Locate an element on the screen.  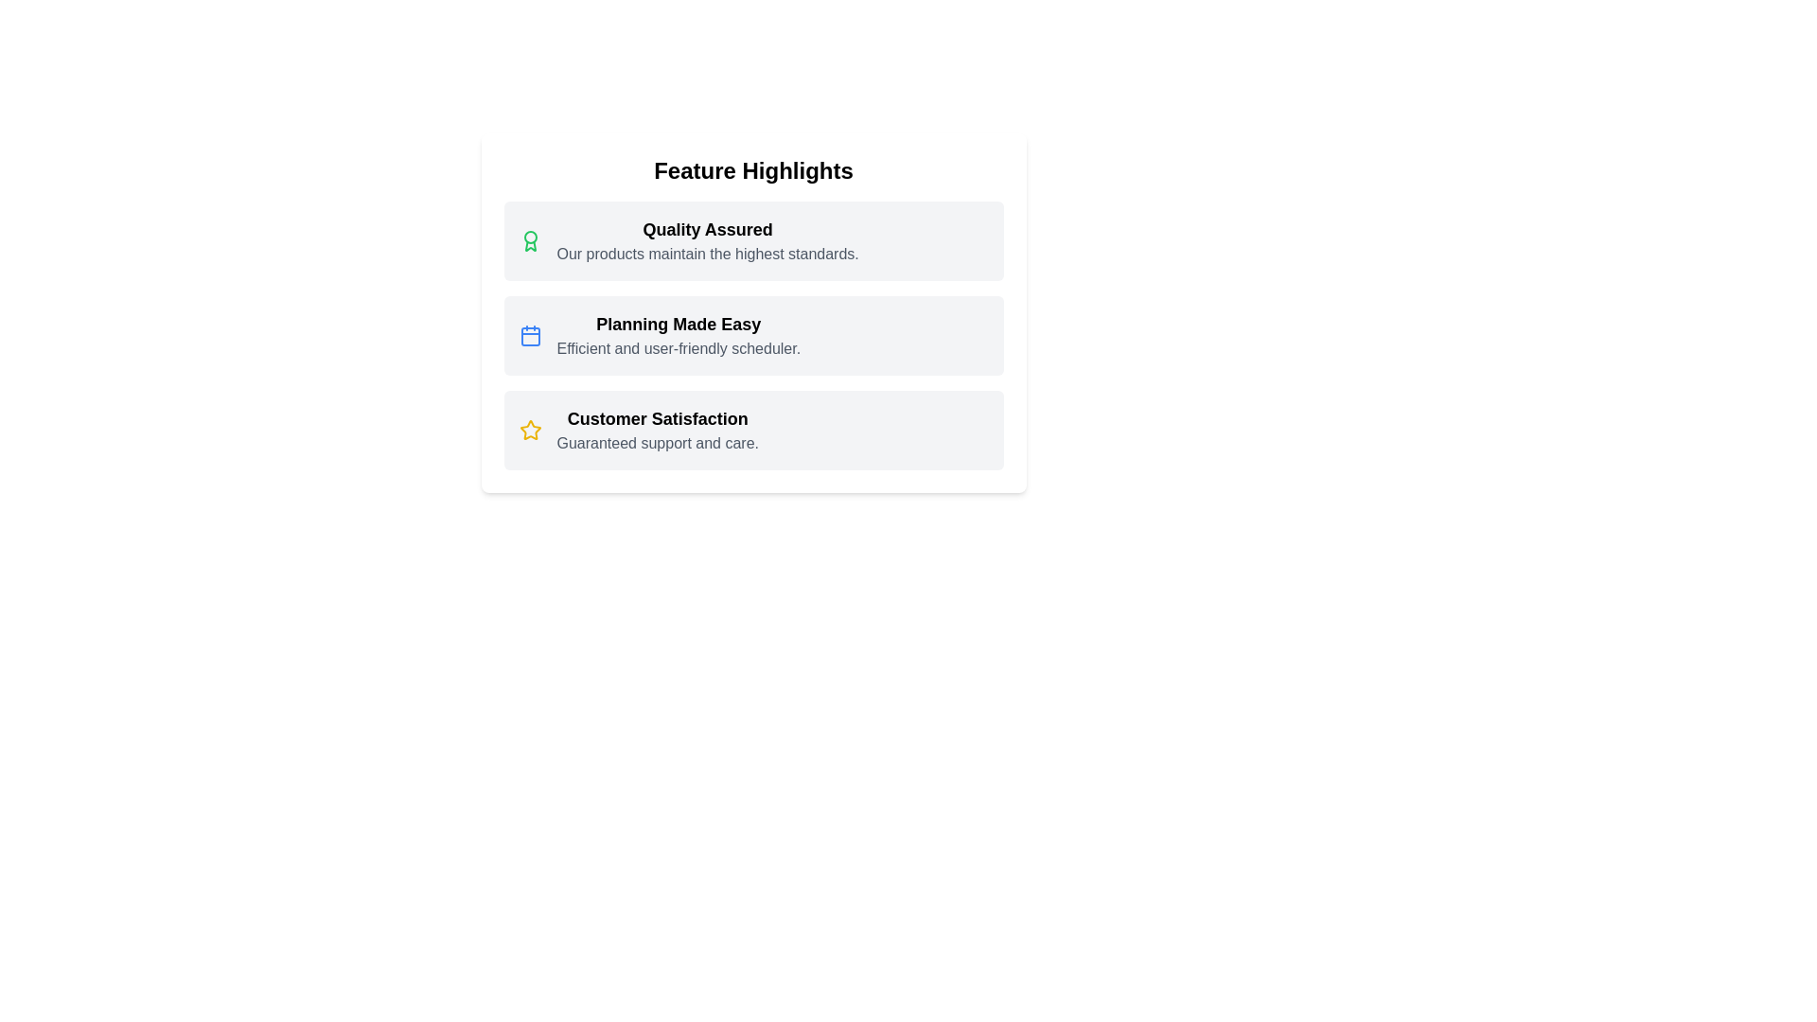
the lower portion of the badge icon in the top section of the 'Feature Highlights' interface is located at coordinates (530, 245).